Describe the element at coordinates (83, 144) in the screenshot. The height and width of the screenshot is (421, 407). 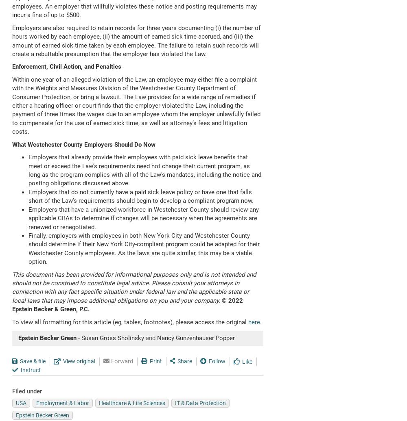
I see `'What Westchester County Employers Should Do Now'` at that location.